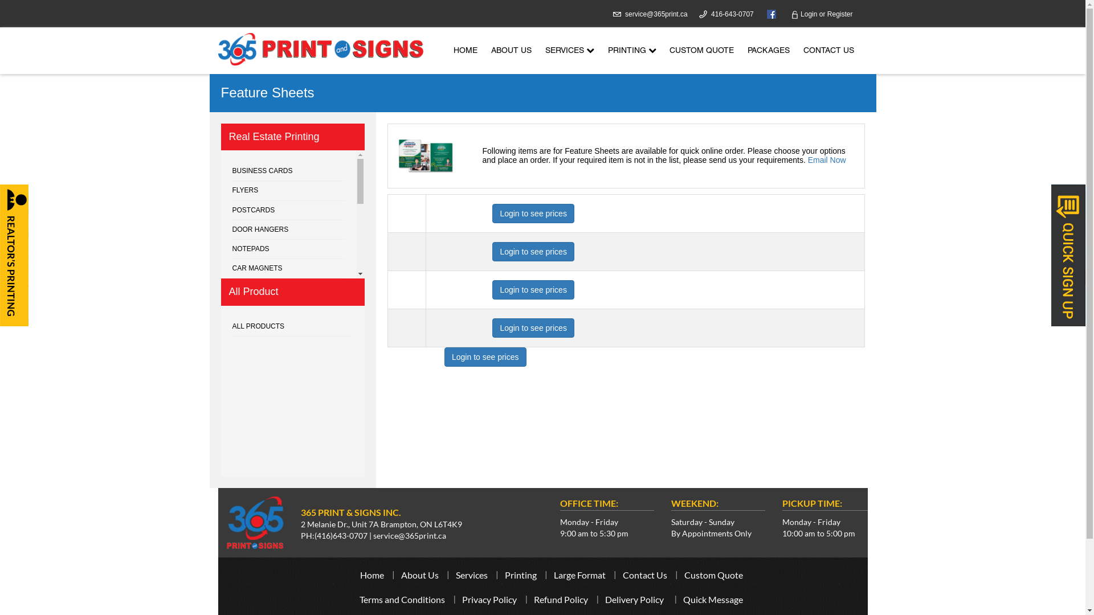  What do you see at coordinates (289, 346) in the screenshot?
I see `'PRESENTATION FOLDERS'` at bounding box center [289, 346].